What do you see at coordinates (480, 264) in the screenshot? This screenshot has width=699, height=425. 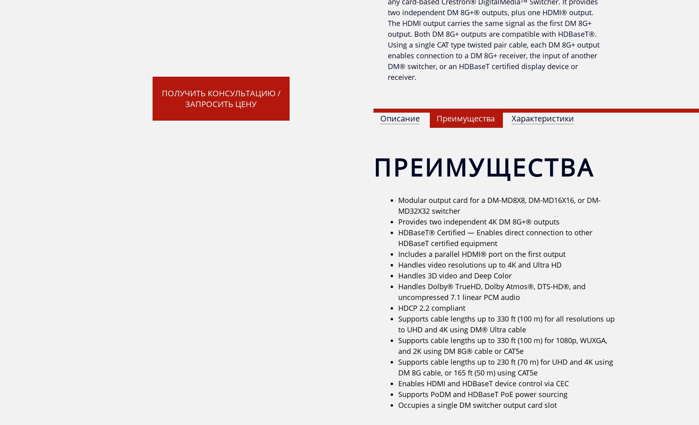 I see `'Handles video resolutions up to 4K and Ultra HD'` at bounding box center [480, 264].